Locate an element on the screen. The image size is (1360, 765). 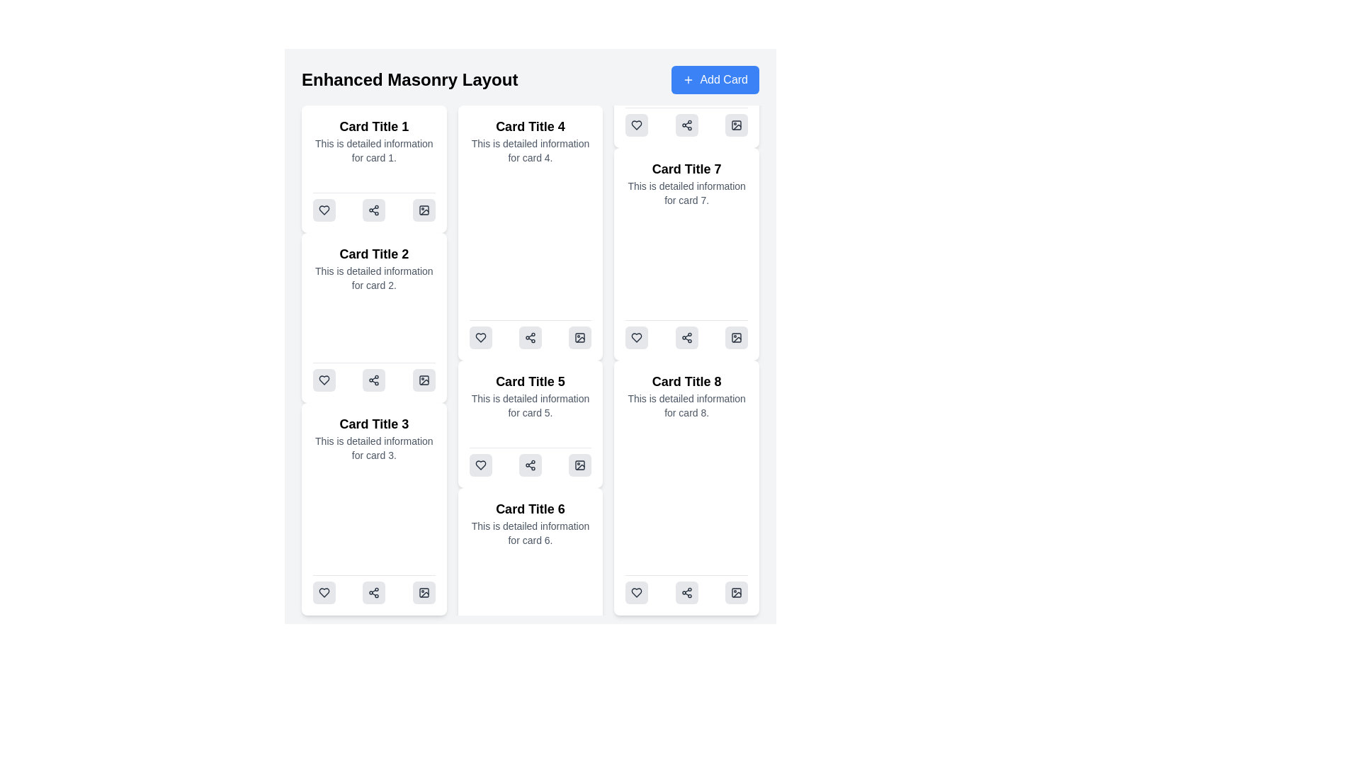
the text block displaying 'This is detailed information for card 1.' which is located below 'Card Title 1' in the first card of the leftmost column is located at coordinates (374, 150).